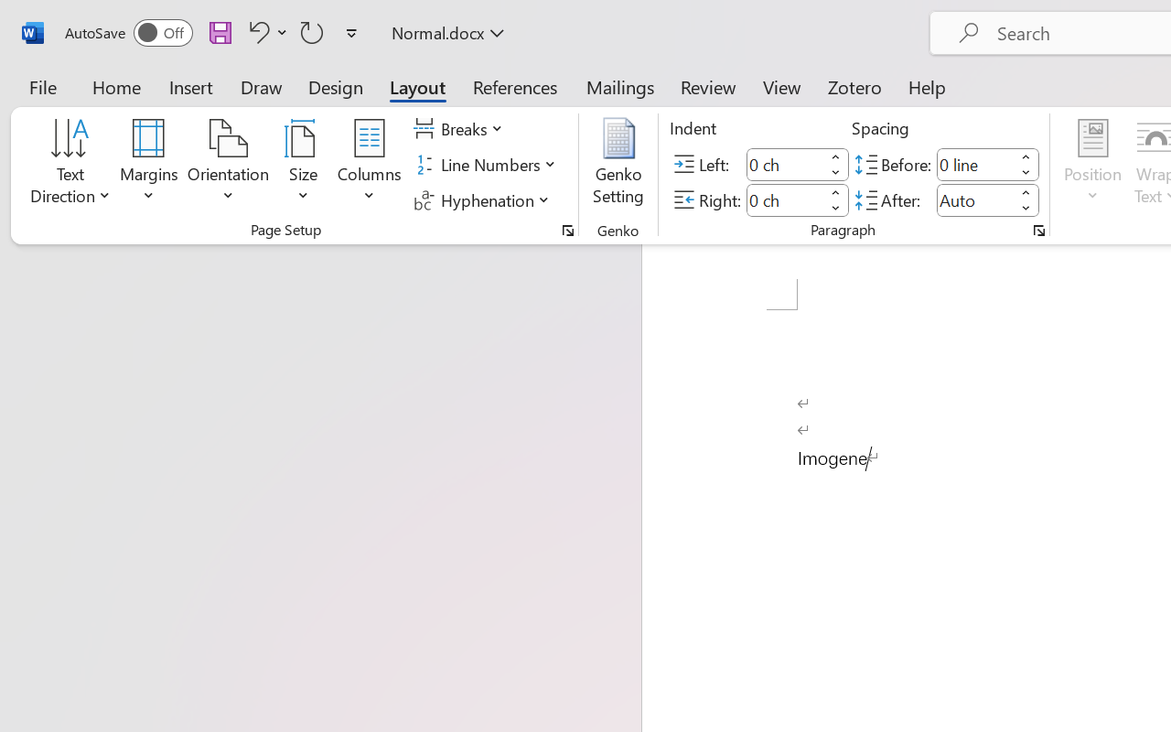 This screenshot has width=1171, height=732. Describe the element at coordinates (1039, 230) in the screenshot. I see `'Paragraph...'` at that location.